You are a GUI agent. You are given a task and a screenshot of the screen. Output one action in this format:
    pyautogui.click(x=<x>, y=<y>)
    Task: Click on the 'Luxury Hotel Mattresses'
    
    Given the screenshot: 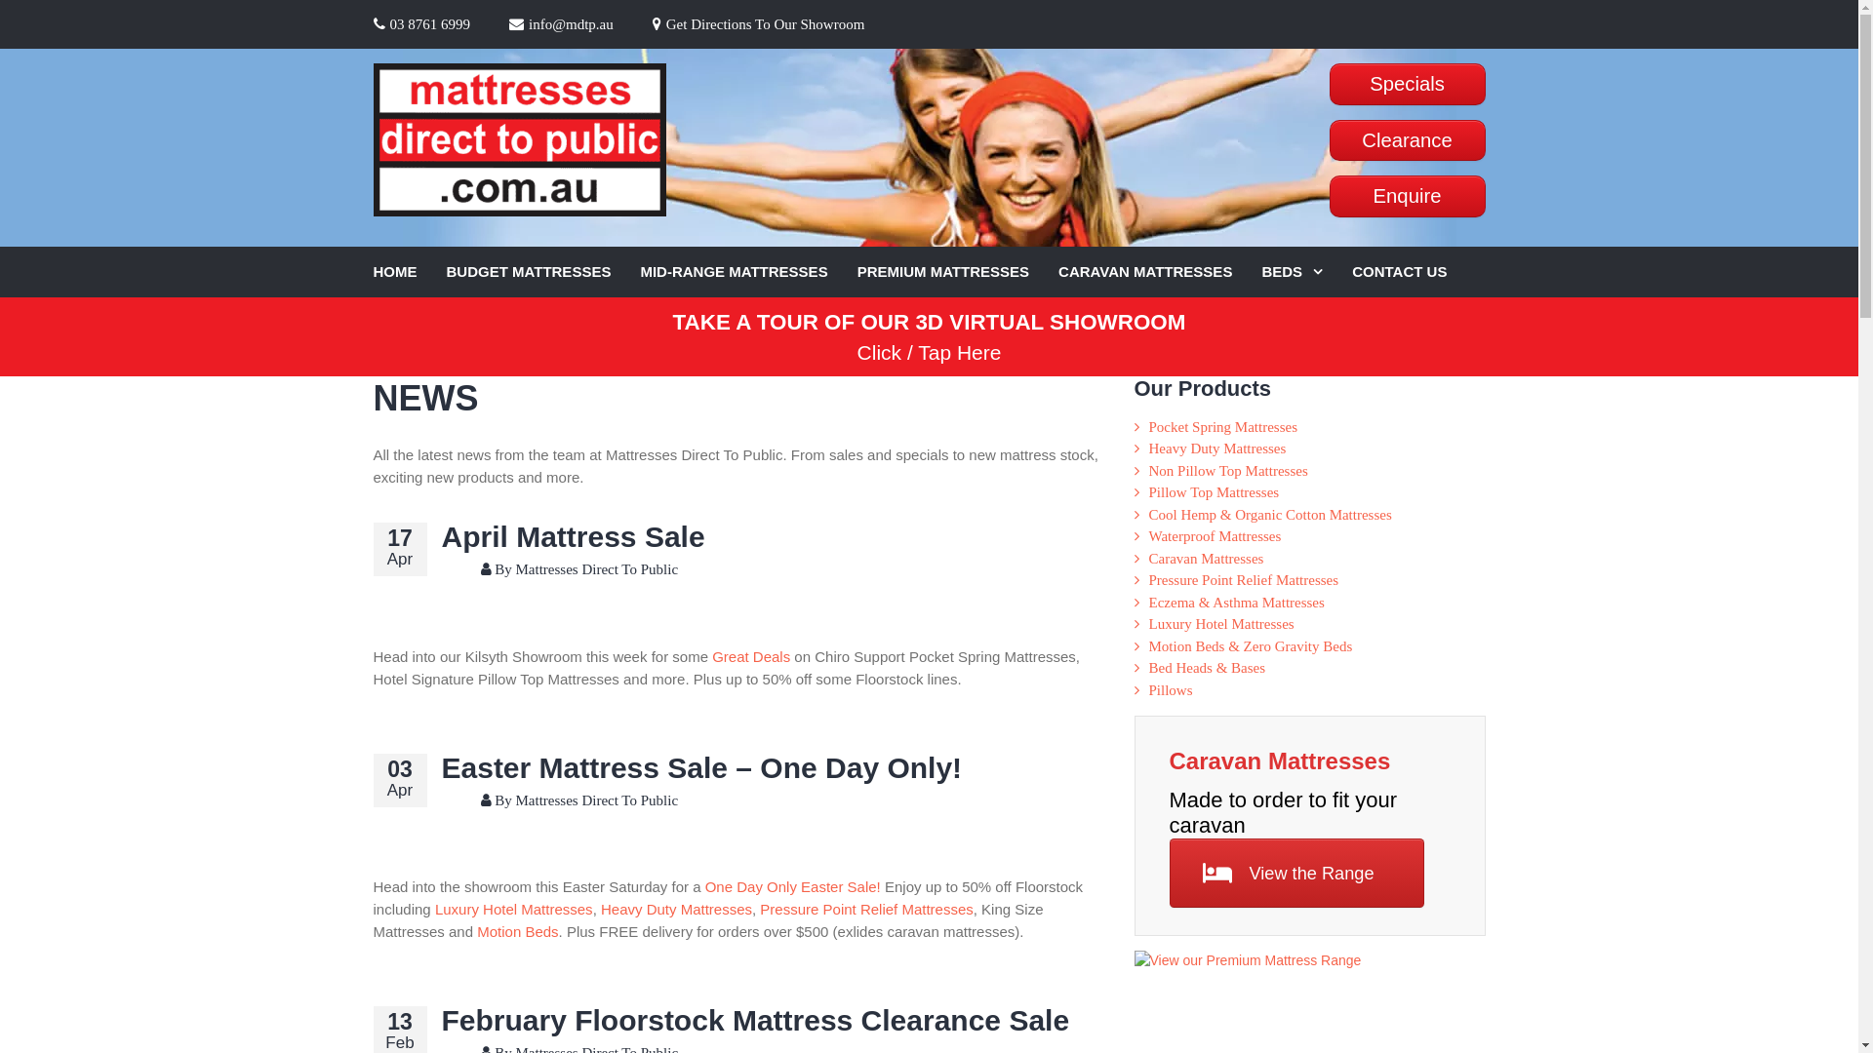 What is the action you would take?
    pyautogui.click(x=1220, y=624)
    